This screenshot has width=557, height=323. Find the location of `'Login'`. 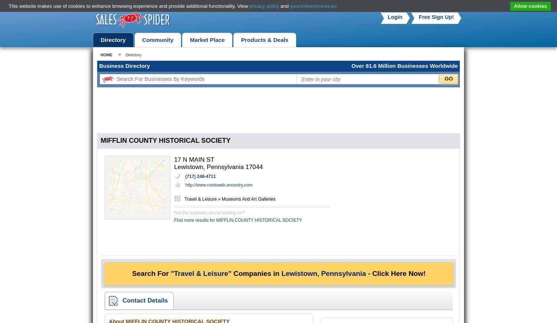

'Login' is located at coordinates (394, 16).